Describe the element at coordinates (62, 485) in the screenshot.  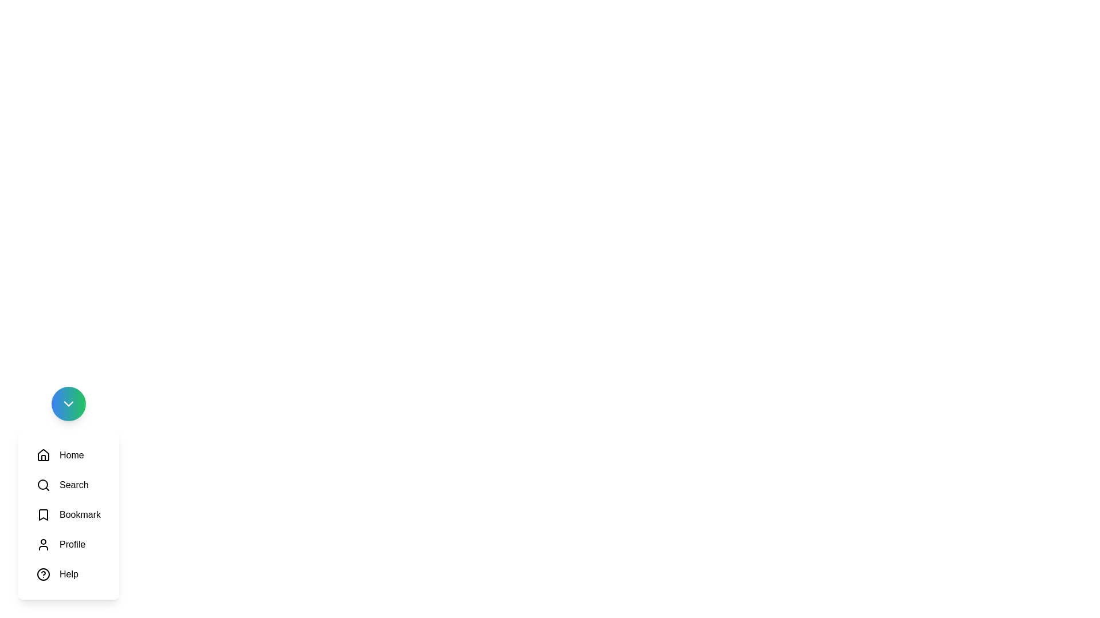
I see `the Search option in the menu` at that location.